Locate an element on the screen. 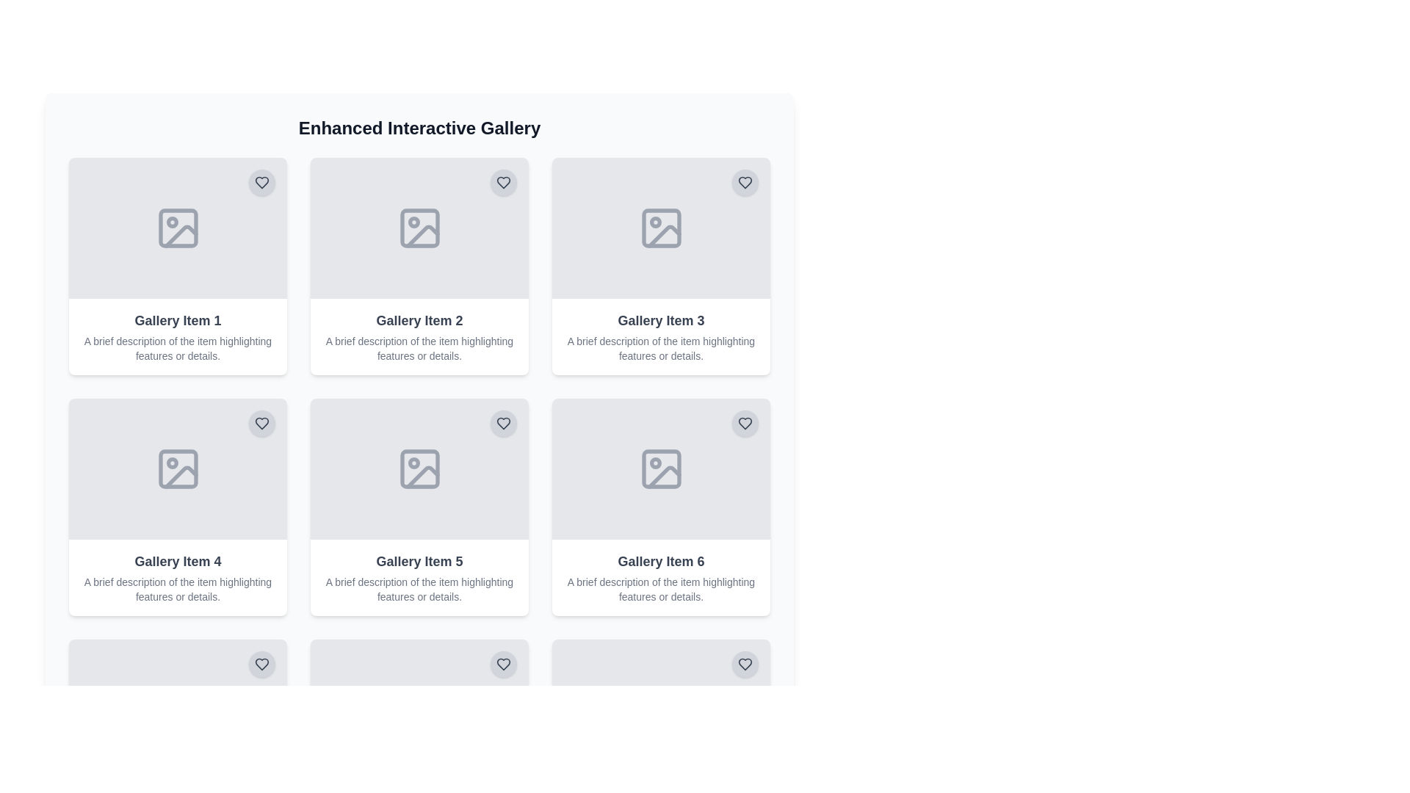 The width and height of the screenshot is (1410, 793). the circular button with a heart-shaped icon in the center, located in the top-right corner of the card labeled 'Gallery Item 4', to favorite the item is located at coordinates (261, 424).